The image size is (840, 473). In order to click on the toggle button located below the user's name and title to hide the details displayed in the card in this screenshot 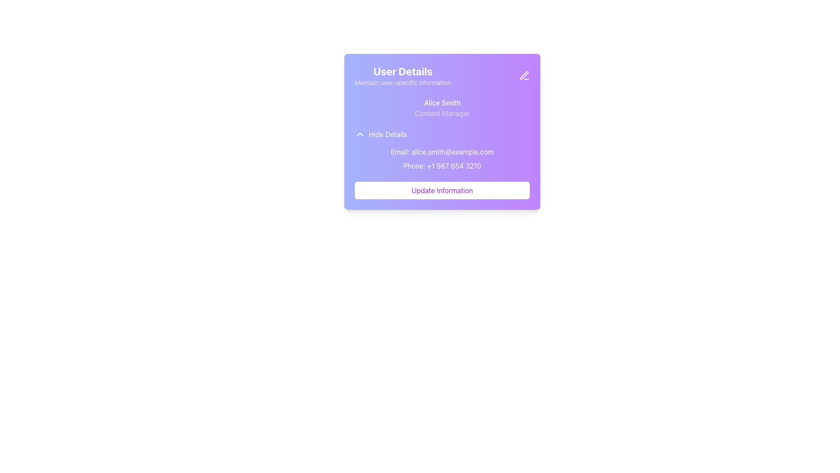, I will do `click(381, 134)`.